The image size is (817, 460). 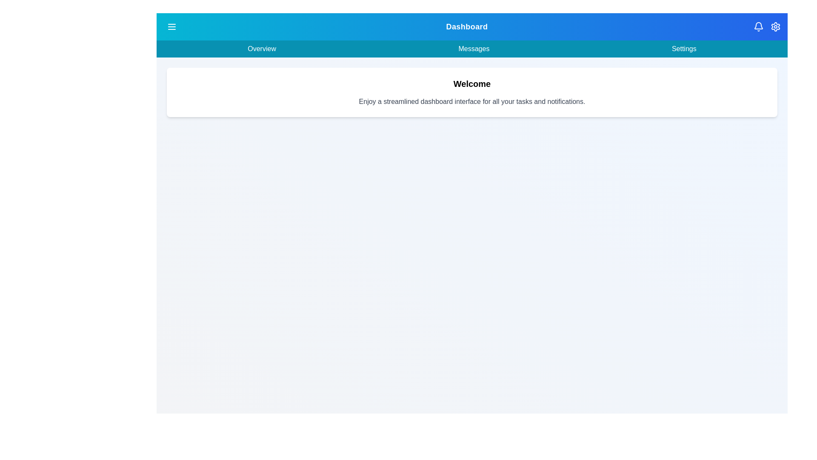 What do you see at coordinates (473, 49) in the screenshot?
I see `the messages_tab to inspect its behavior` at bounding box center [473, 49].